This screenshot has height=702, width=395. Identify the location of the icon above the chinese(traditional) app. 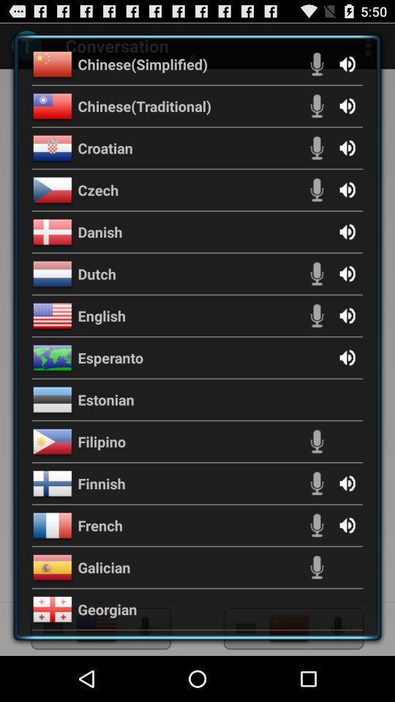
(143, 64).